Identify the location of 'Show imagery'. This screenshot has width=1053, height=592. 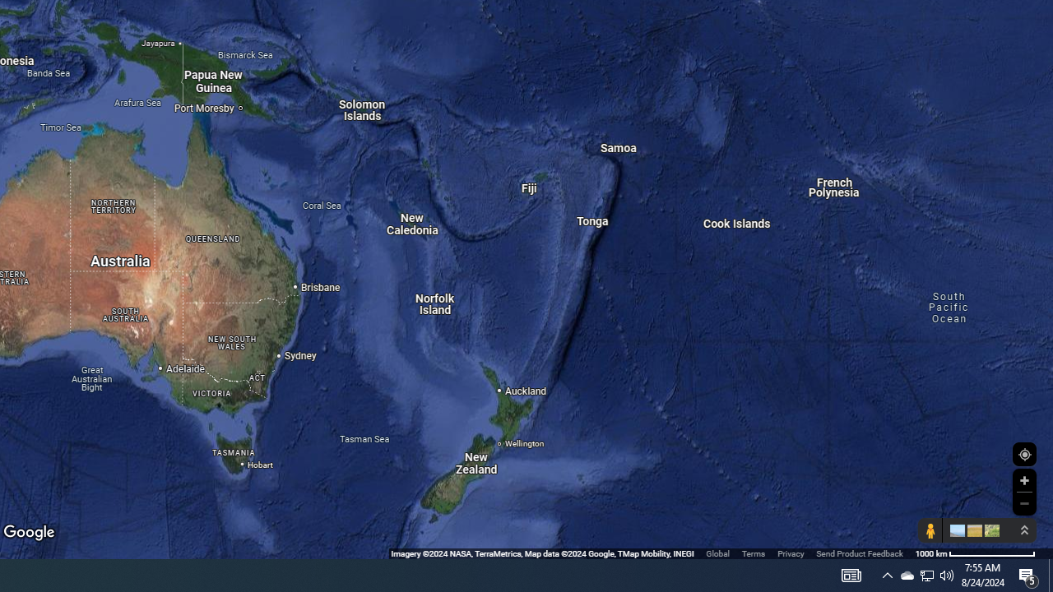
(989, 530).